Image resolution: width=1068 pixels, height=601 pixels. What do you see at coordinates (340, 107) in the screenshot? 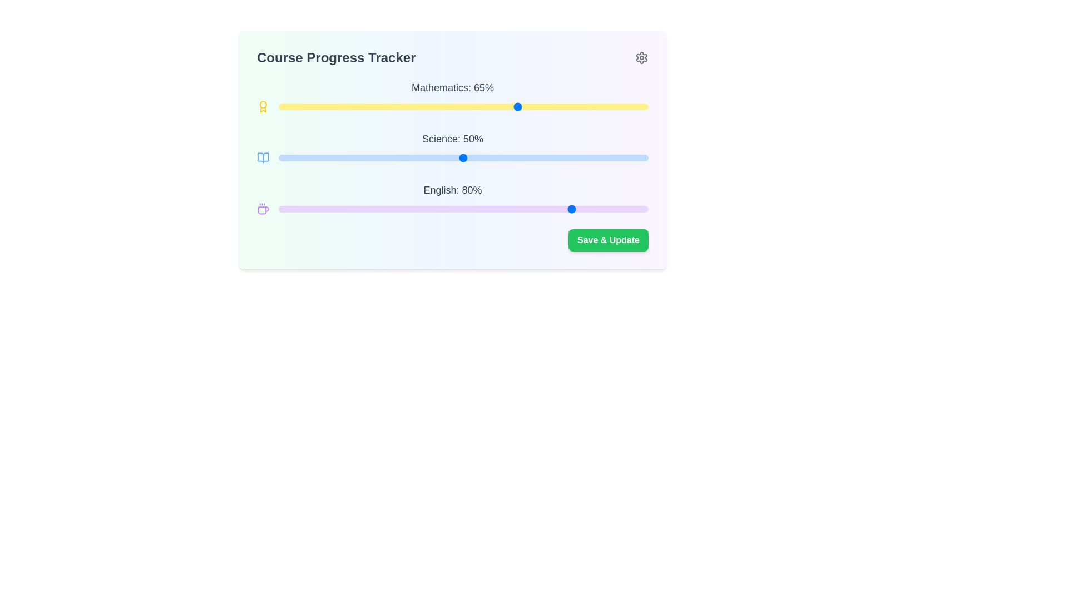
I see `the mathematics progress` at bounding box center [340, 107].